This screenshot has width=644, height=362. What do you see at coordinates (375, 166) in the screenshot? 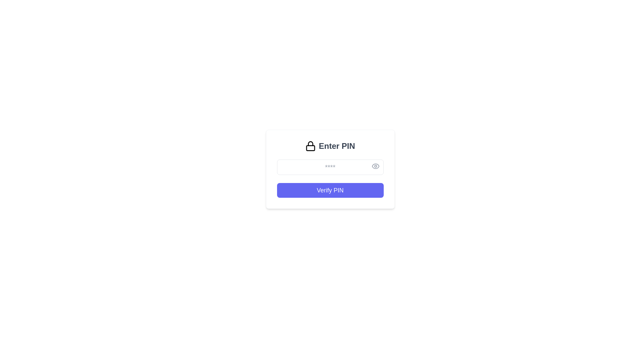
I see `the gray eye icon button located at the top-right corner of the PIN input field` at bounding box center [375, 166].